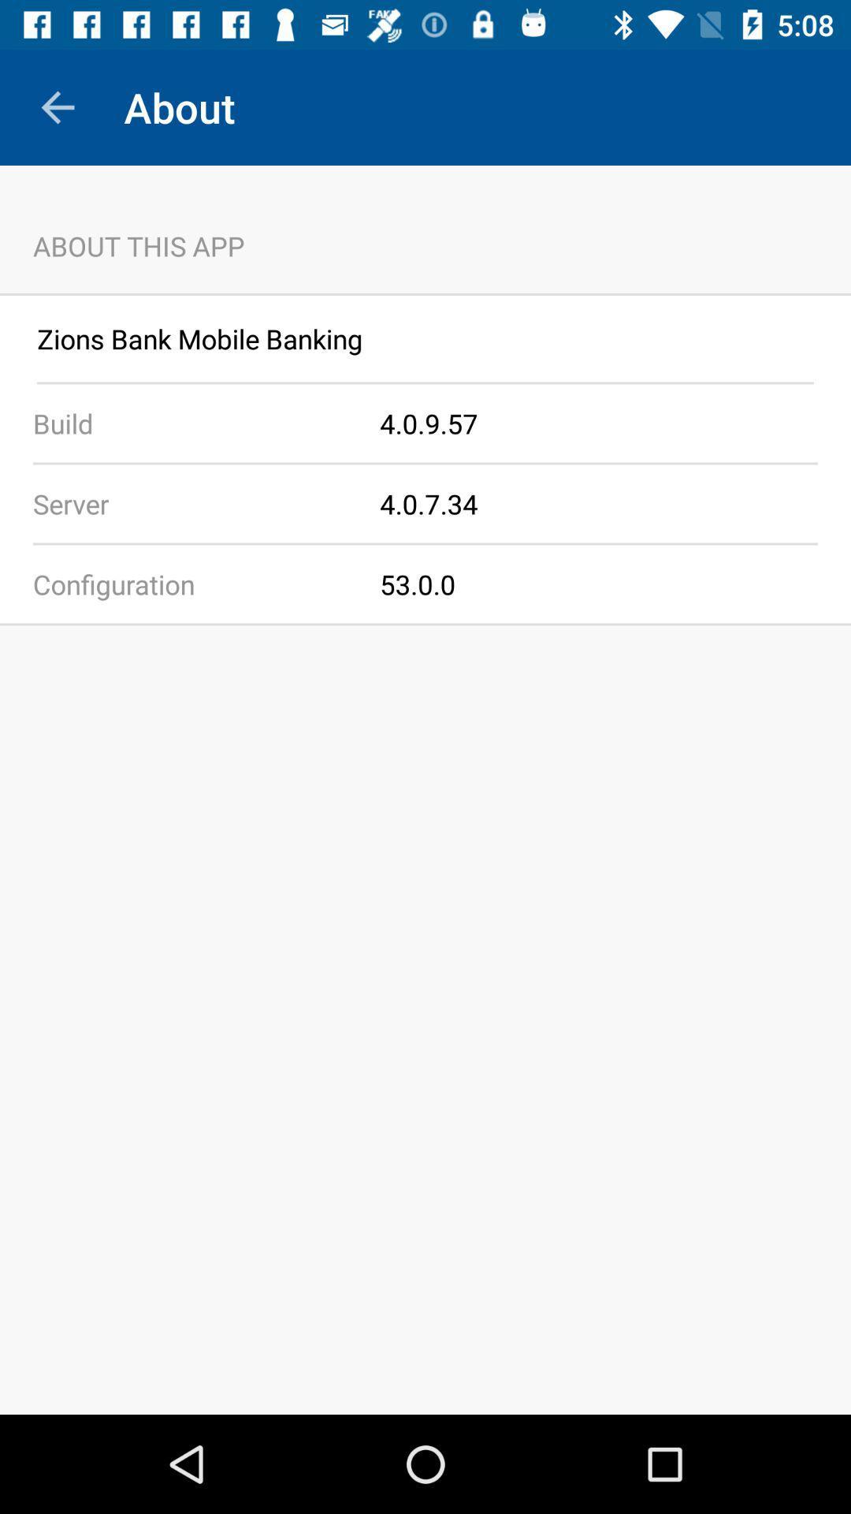 This screenshot has width=851, height=1514. Describe the element at coordinates (425, 294) in the screenshot. I see `icon above zions bank mobile` at that location.